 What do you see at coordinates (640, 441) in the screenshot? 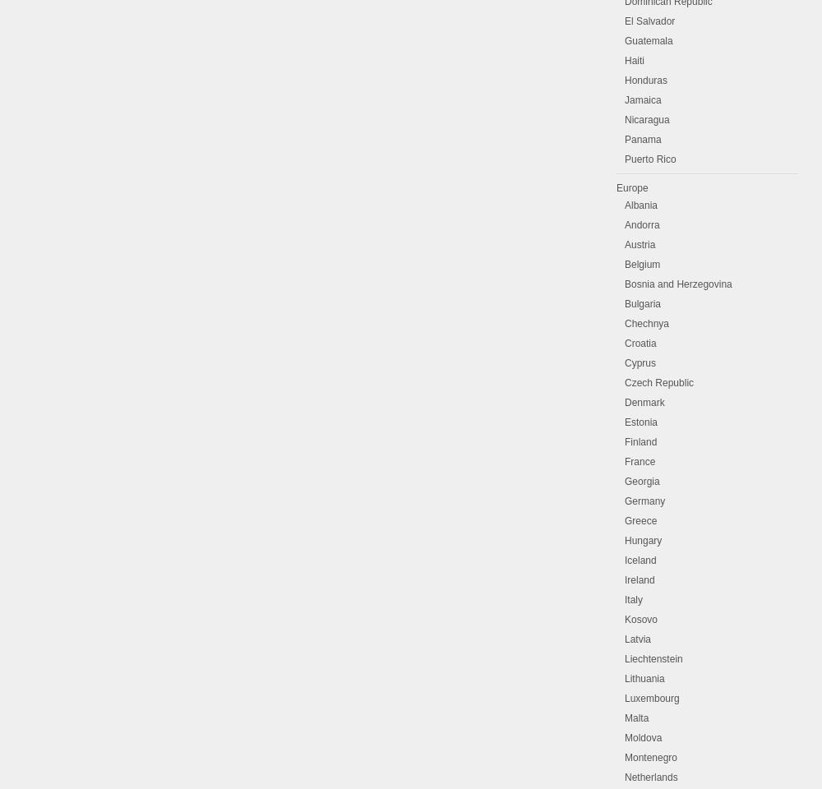
I see `'Finland'` at bounding box center [640, 441].